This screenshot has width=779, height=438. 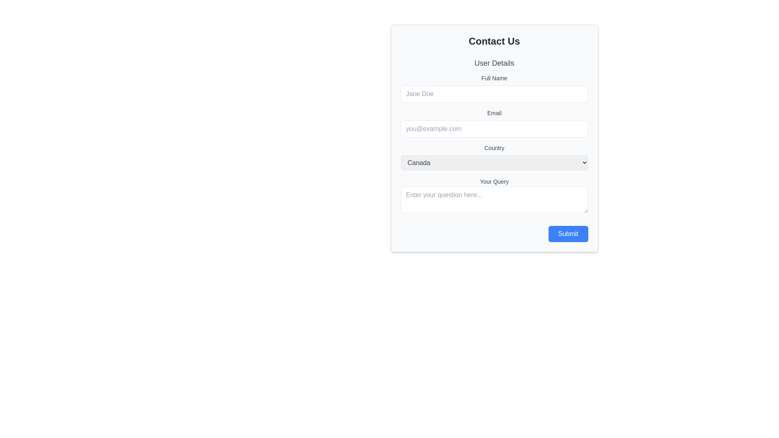 I want to click on the 'Email' label which is styled in neutral gray color and positioned above the input field in the 'User Details' form, so click(x=494, y=113).